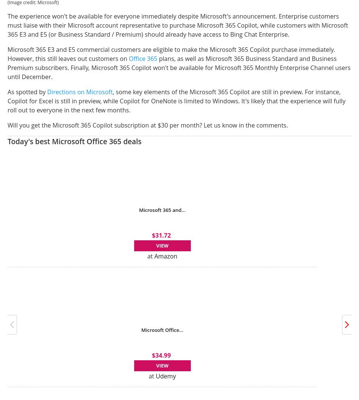 The width and height of the screenshot is (359, 400). I want to click on 'Will you get the Microsoft 365 Copilot subscription at $30 per month? Let us know in the comments.', so click(147, 125).